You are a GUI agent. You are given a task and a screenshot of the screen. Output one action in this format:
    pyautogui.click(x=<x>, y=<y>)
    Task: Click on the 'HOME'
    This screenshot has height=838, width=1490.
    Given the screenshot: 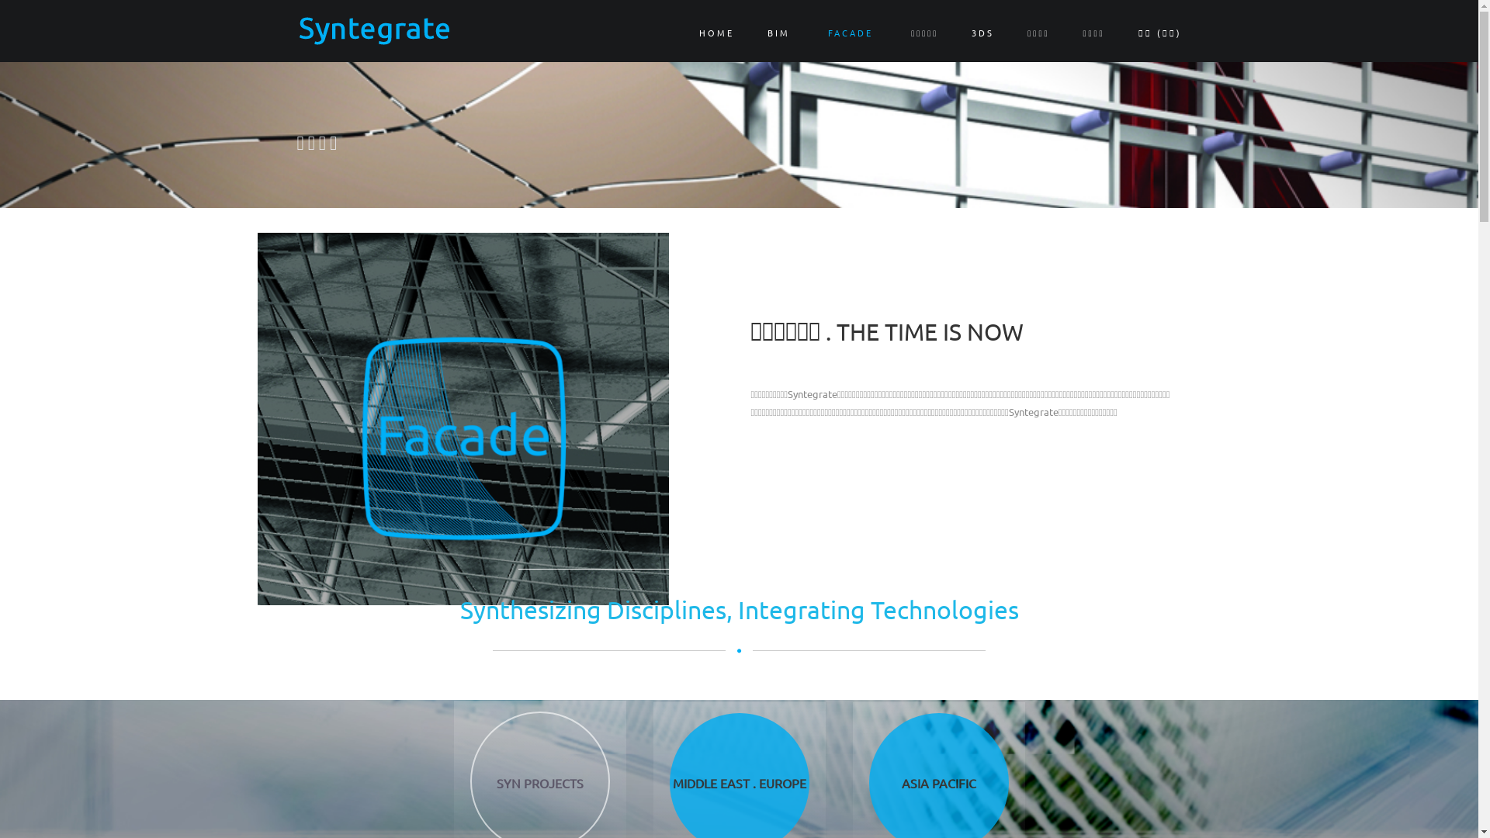 What is the action you would take?
    pyautogui.click(x=717, y=35)
    